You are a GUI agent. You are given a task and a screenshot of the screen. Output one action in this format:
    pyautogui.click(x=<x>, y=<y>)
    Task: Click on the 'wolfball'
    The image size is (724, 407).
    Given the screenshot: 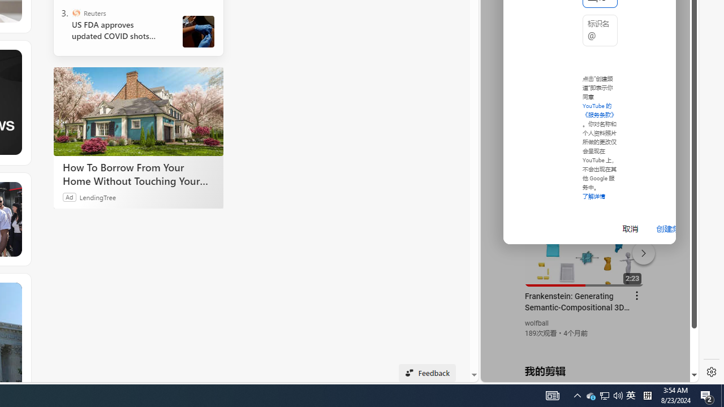 What is the action you would take?
    pyautogui.click(x=536, y=323)
    